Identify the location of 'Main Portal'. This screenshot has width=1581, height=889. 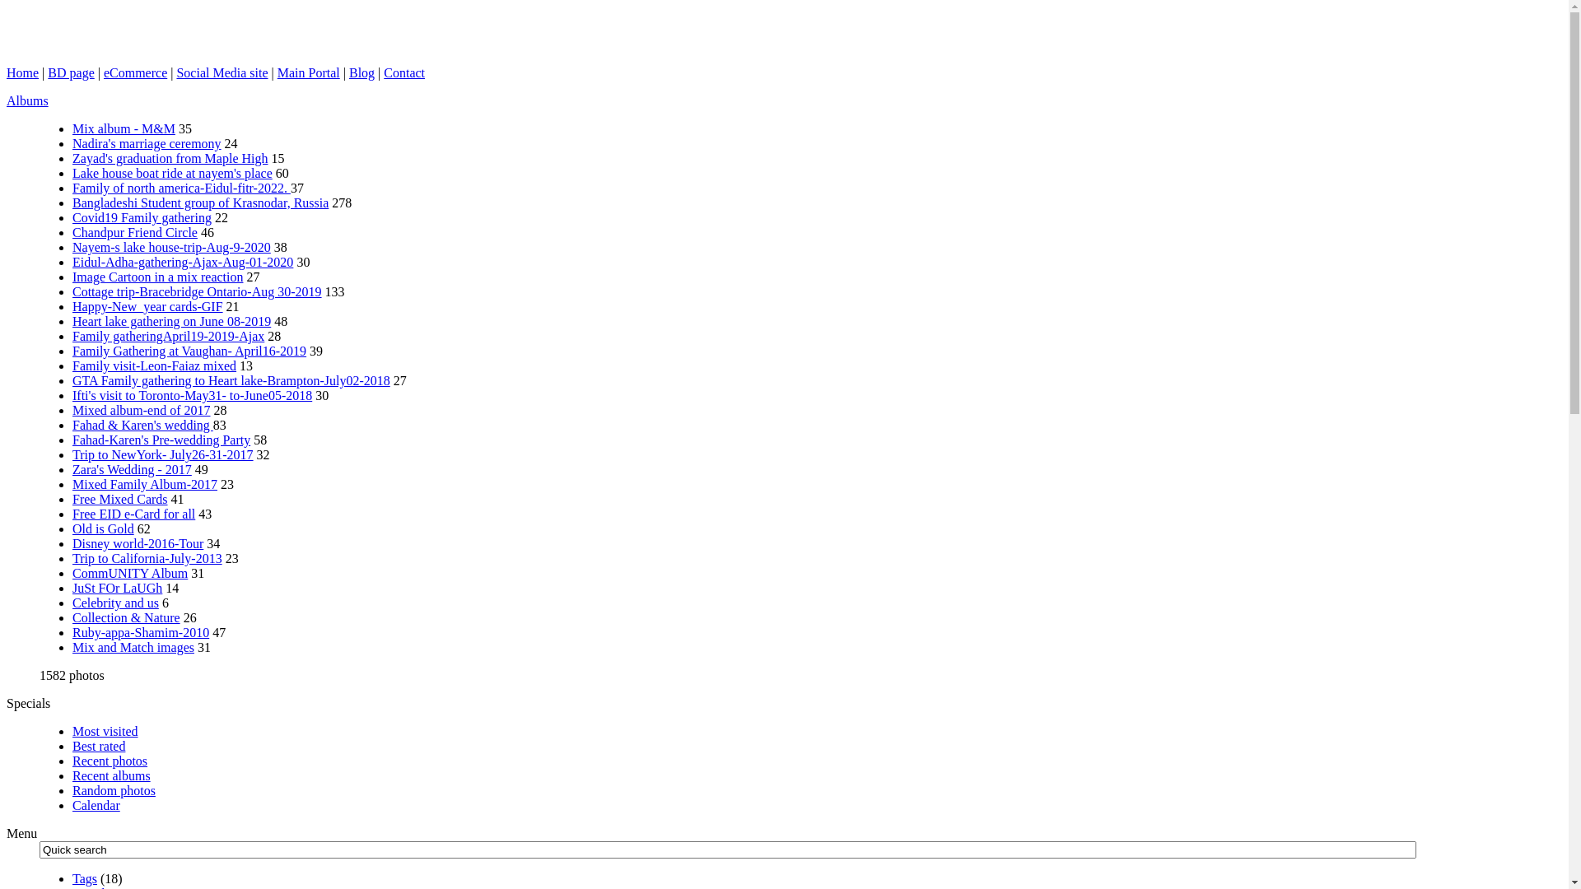
(277, 72).